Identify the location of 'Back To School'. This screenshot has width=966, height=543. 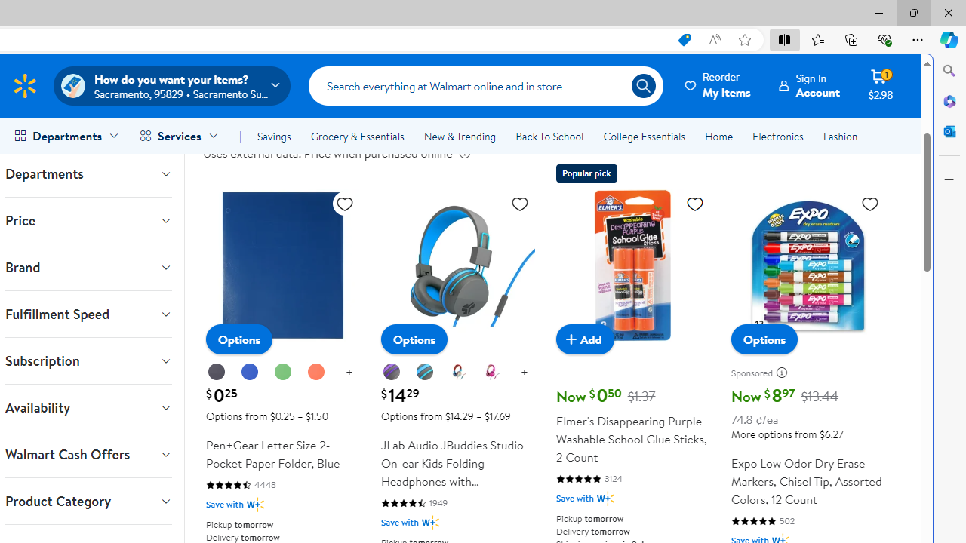
(549, 137).